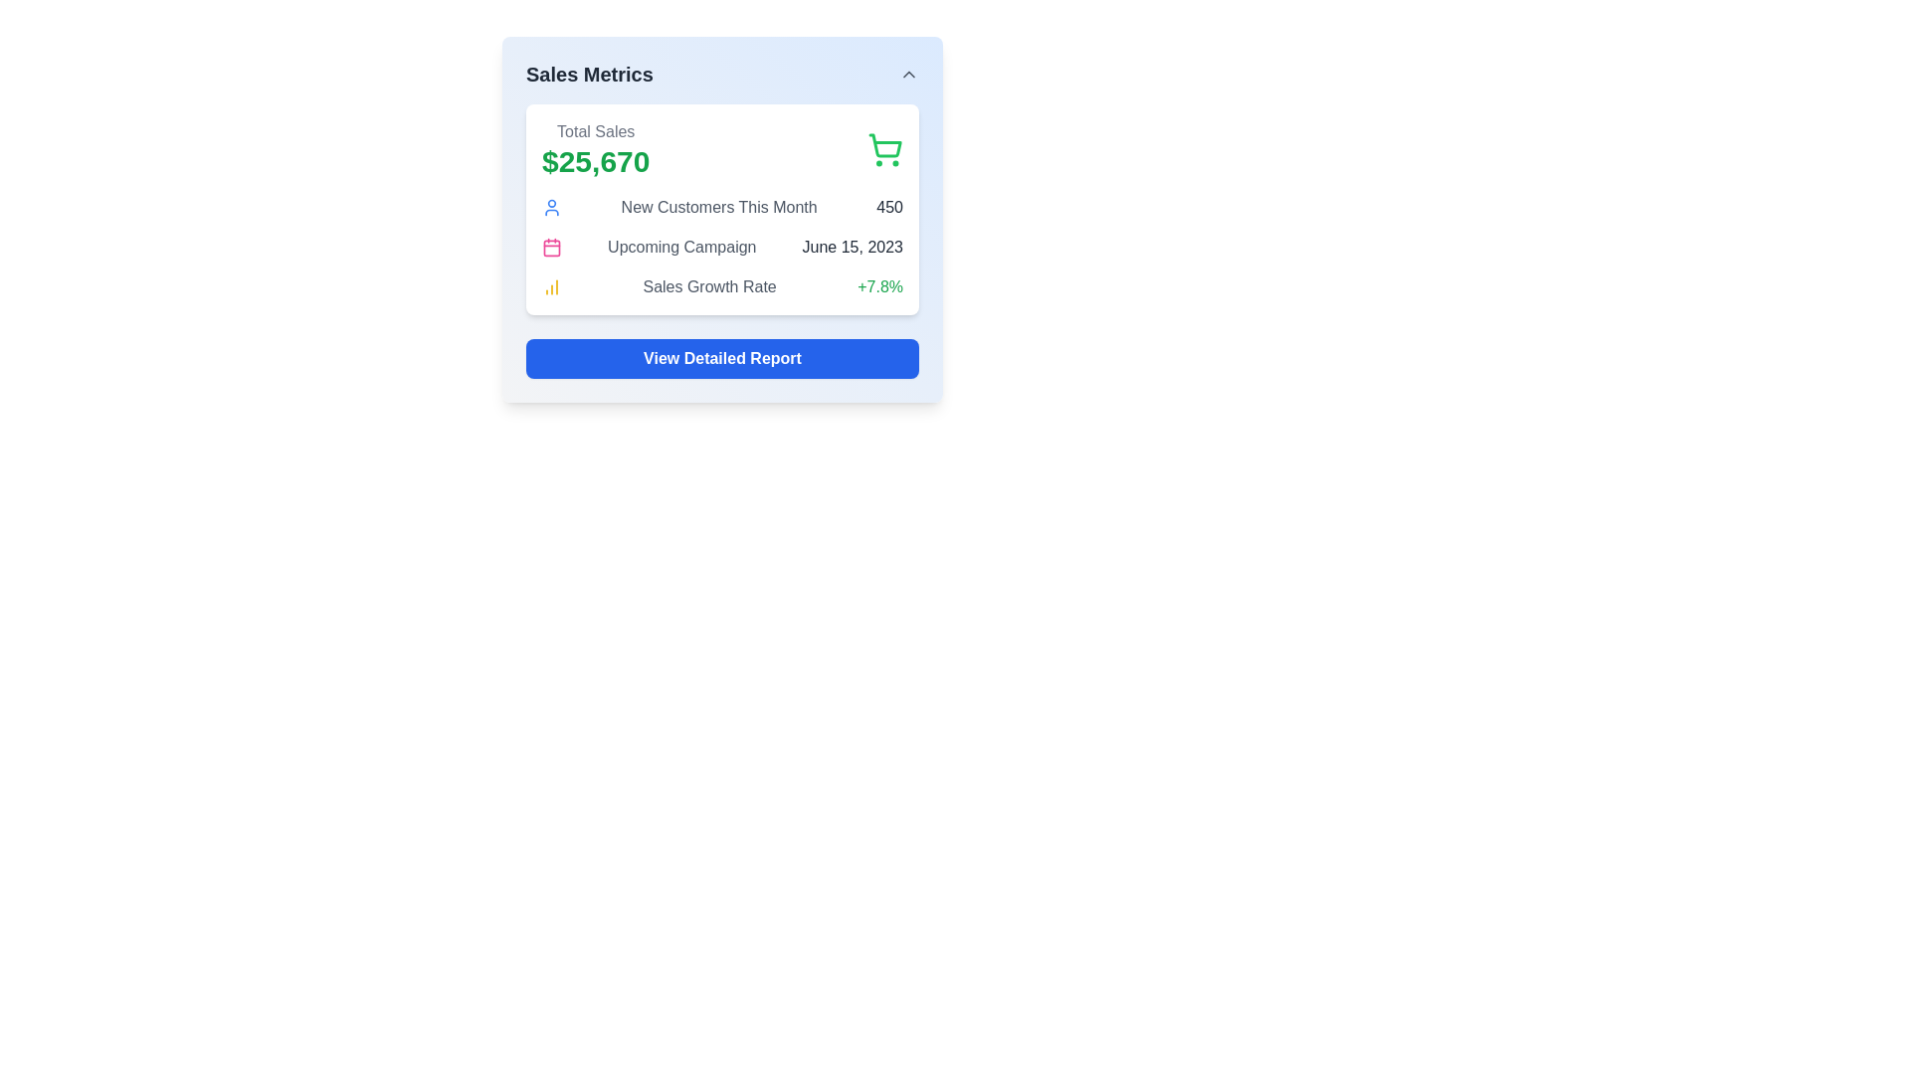 The image size is (1910, 1074). What do you see at coordinates (721, 287) in the screenshot?
I see `the Display element that provides information about the growth rate of sales, located in the 'Sales Metrics' card as the third row, beneath 'New Customers This Month' and 'Upcoming Campaign'` at bounding box center [721, 287].